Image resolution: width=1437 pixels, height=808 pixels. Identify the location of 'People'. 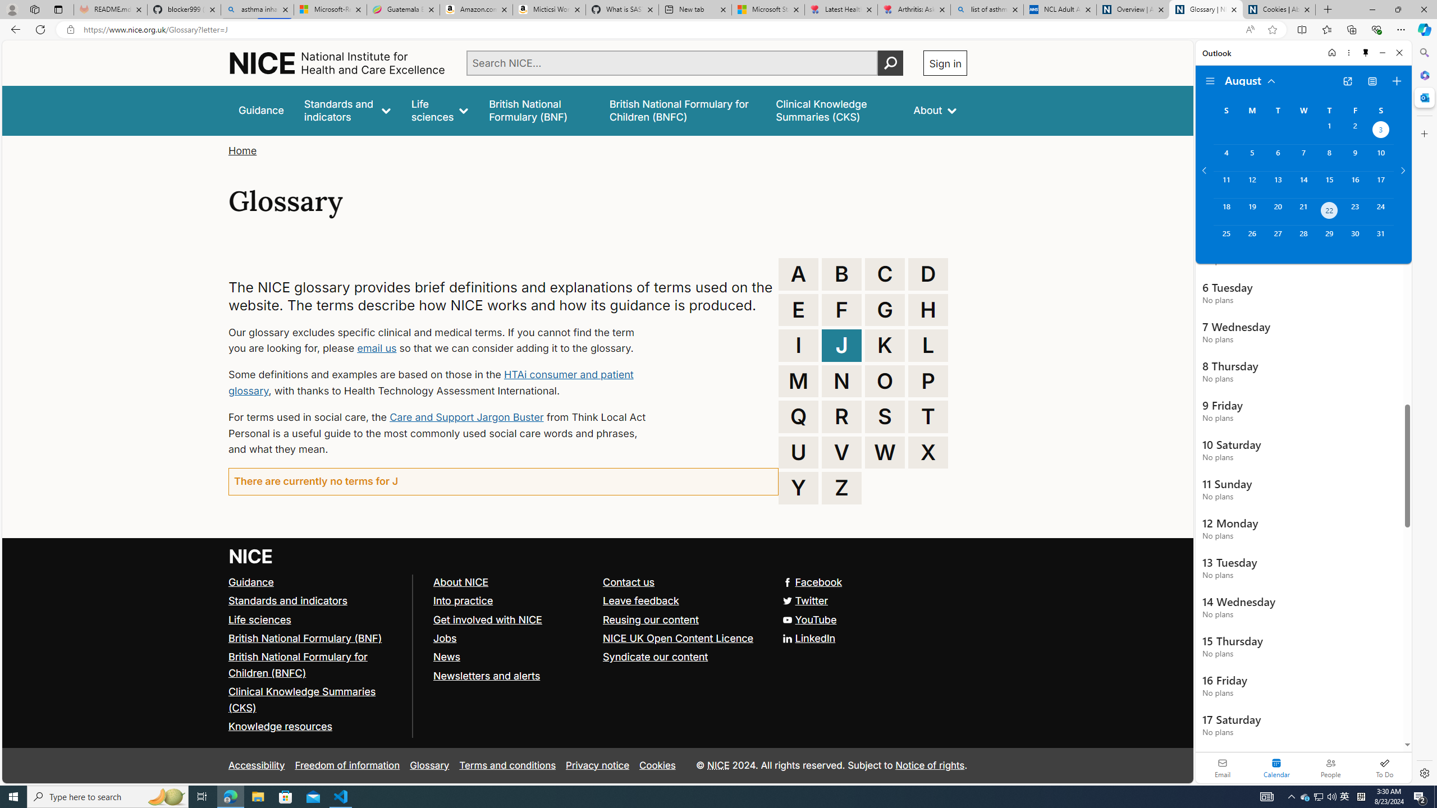
(1330, 767).